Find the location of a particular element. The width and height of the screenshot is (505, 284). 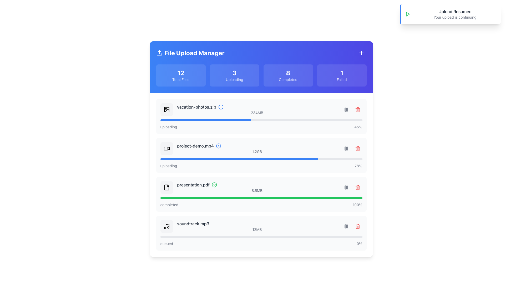

the status descriptor text label indicating the upload progress of the file 'project-demo.mp4', located under the progress bar and to the left of the '78%' indicator is located at coordinates (169, 166).